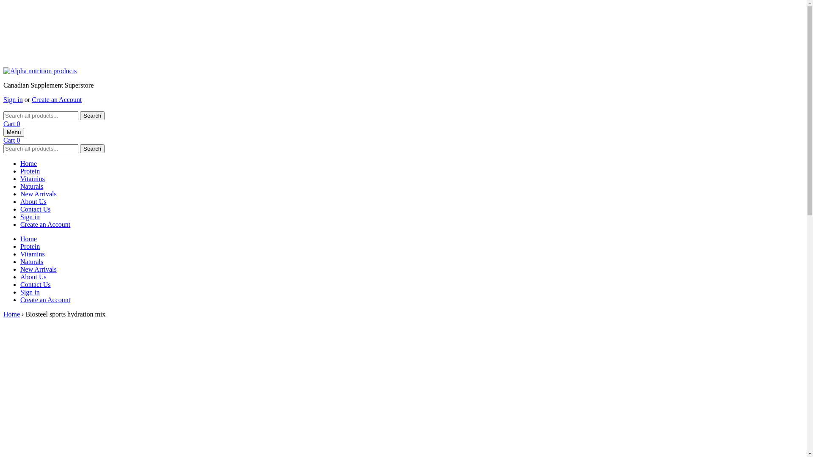  Describe the element at coordinates (14, 132) in the screenshot. I see `'Menu'` at that location.